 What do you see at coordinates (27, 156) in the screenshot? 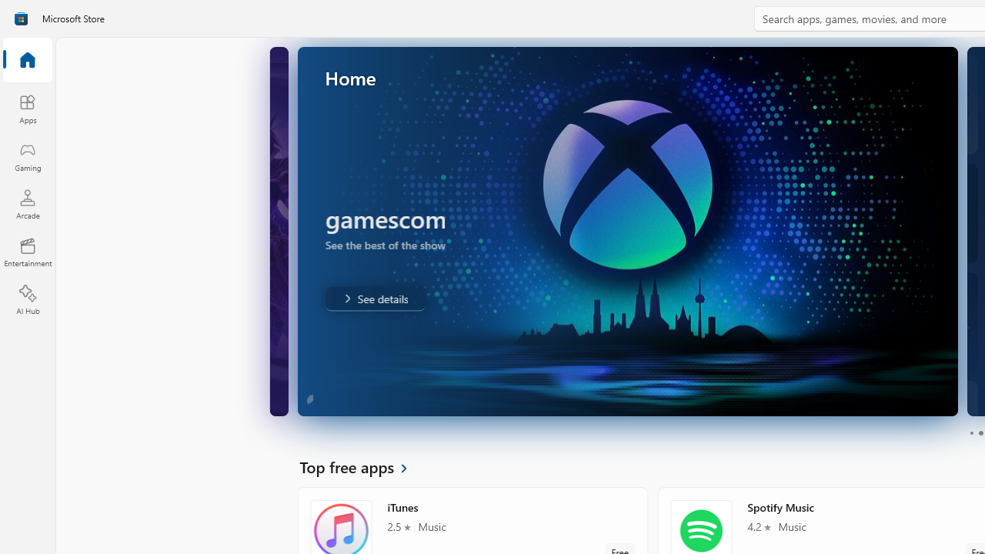
I see `'Gaming'` at bounding box center [27, 156].